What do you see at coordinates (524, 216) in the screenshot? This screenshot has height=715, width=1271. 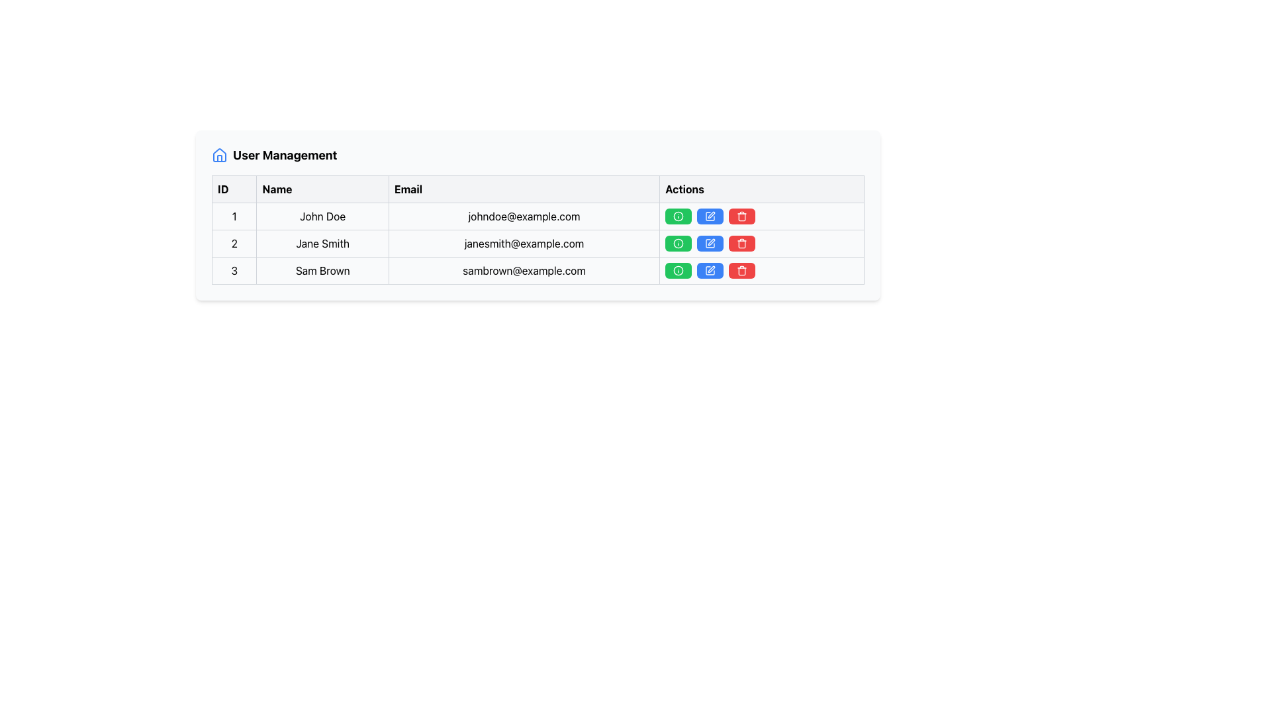 I see `the text field displaying the email address 'johndoe@example.com', which is located in the third cell of the first row under the 'Email' column of the data table` at bounding box center [524, 216].